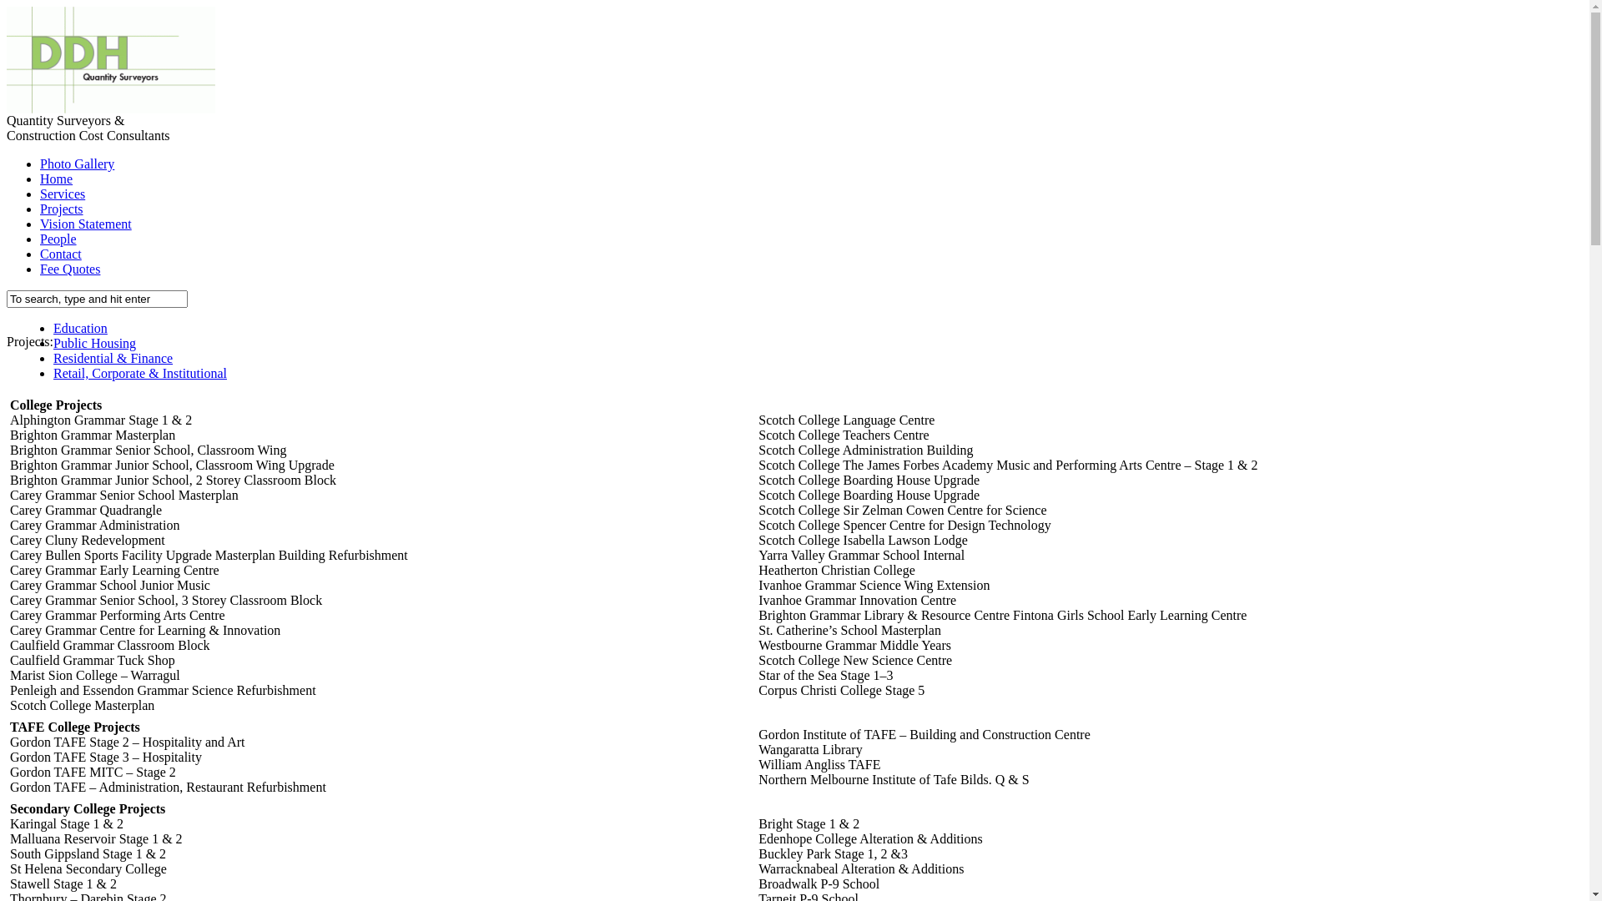 The image size is (1602, 901). What do you see at coordinates (140, 372) in the screenshot?
I see `'Retail, Corporate & Institutional'` at bounding box center [140, 372].